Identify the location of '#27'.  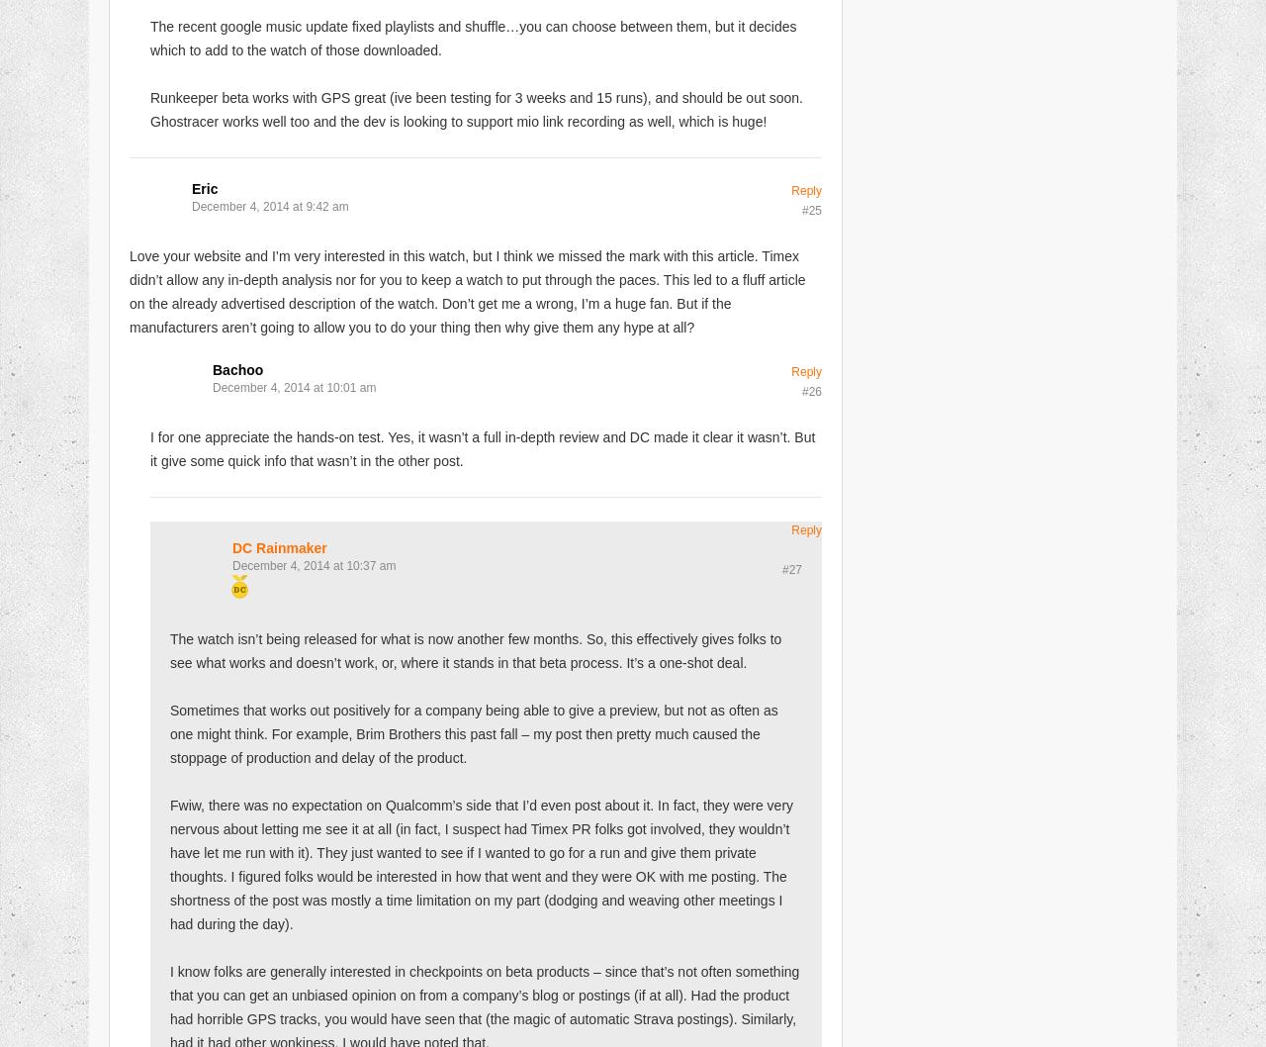
(780, 569).